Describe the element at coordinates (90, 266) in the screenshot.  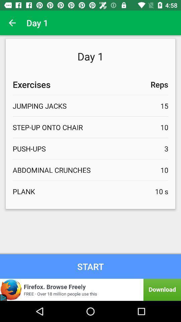
I see `start workout` at that location.